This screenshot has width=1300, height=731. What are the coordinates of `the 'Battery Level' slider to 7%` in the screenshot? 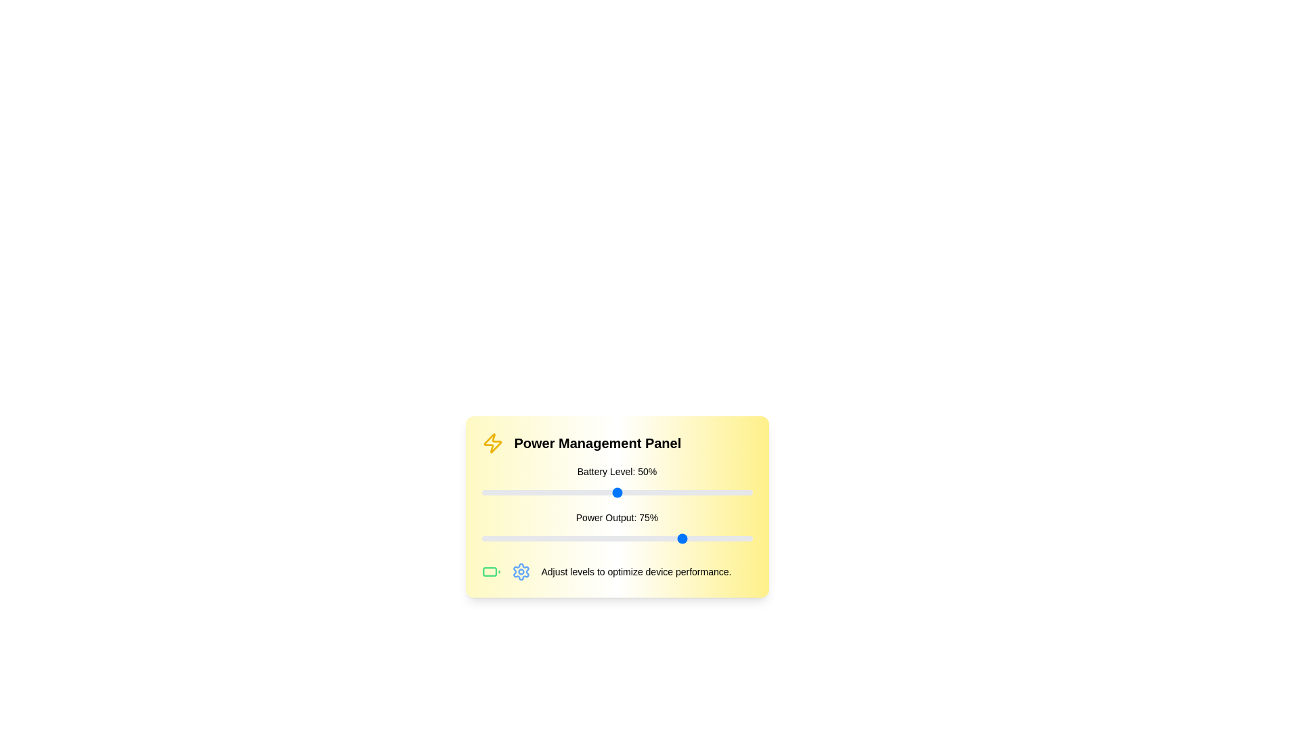 It's located at (500, 493).